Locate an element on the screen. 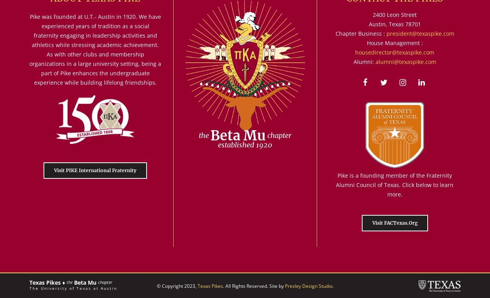  'Visit PIKE International Fraternity' is located at coordinates (95, 170).